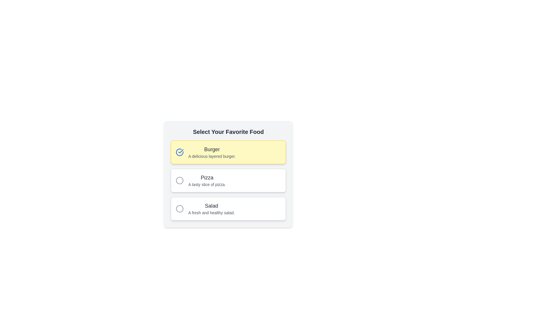  Describe the element at coordinates (179, 180) in the screenshot. I see `the radio button for the 'Pizza' option, which is positioned at the leftmost end of the card containing the text 'Pizza' and 'A tasty slice of pizza.'` at that location.